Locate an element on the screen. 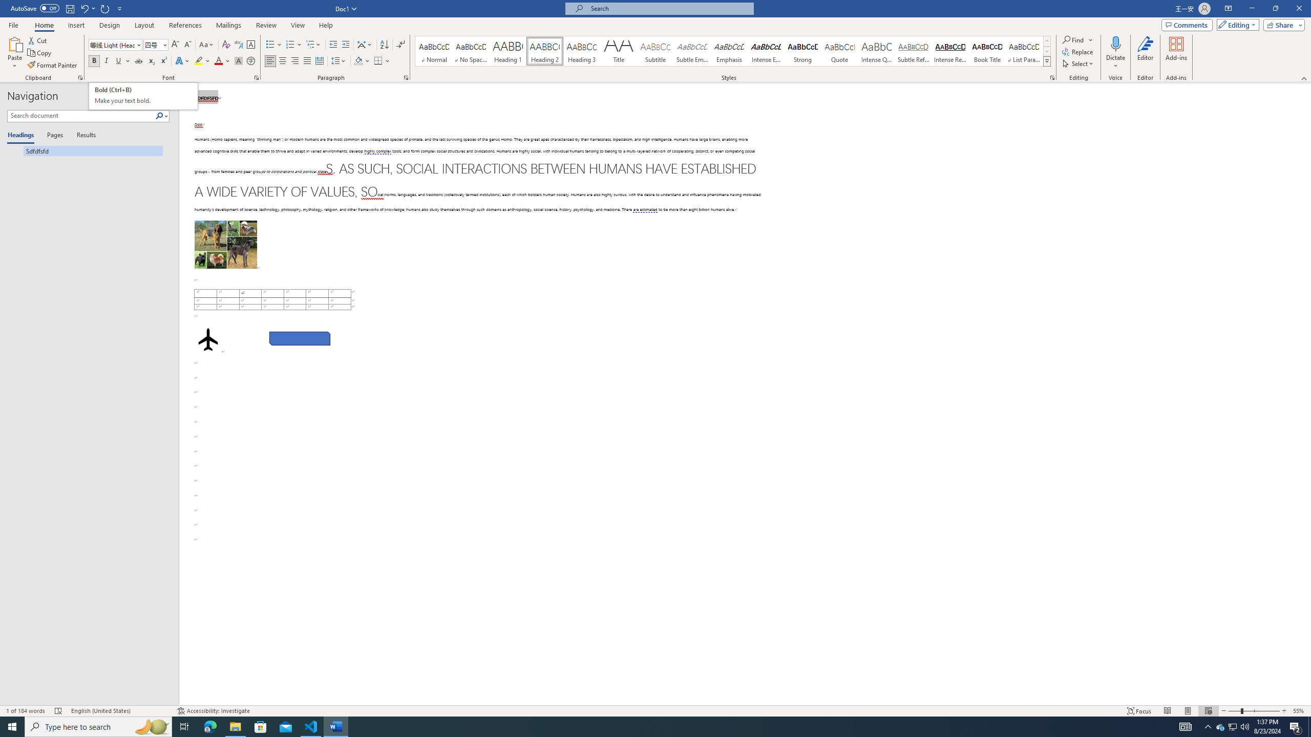 The width and height of the screenshot is (1311, 737). 'Character Shading' is located at coordinates (238, 60).